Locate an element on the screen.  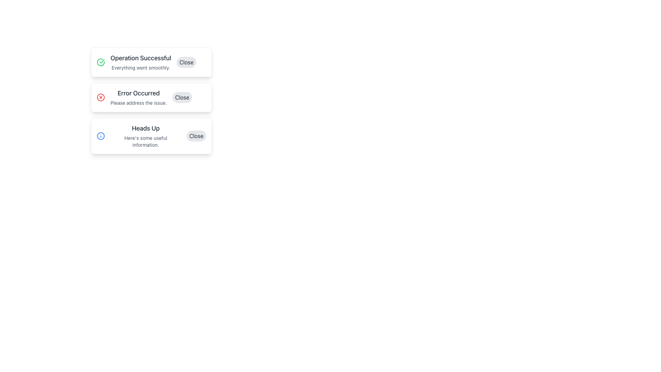
text block that displays 'Operation Successful' and 'Everything went smoothly' within the notification card at the top-left of the notification group is located at coordinates (140, 62).